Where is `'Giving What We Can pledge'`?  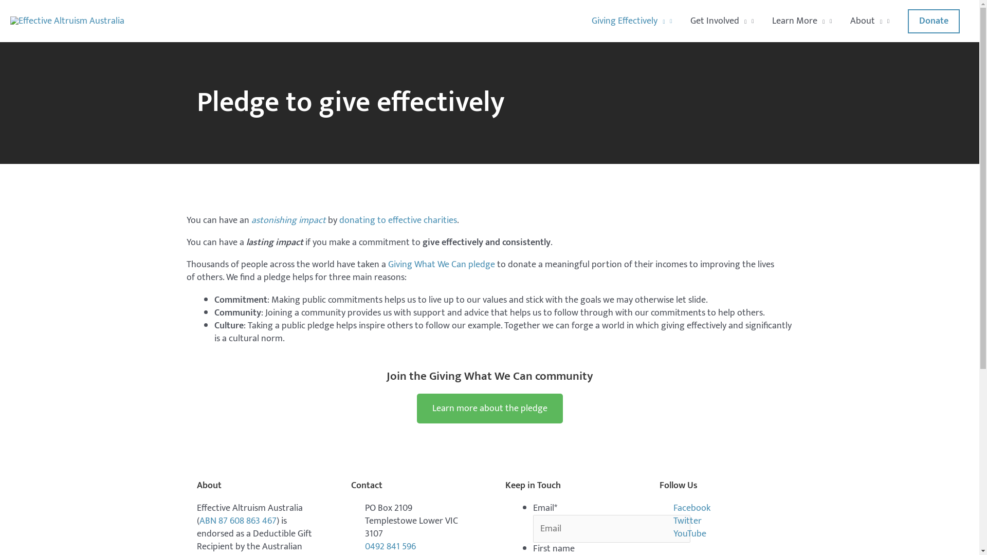
'Giving What We Can pledge' is located at coordinates (441, 264).